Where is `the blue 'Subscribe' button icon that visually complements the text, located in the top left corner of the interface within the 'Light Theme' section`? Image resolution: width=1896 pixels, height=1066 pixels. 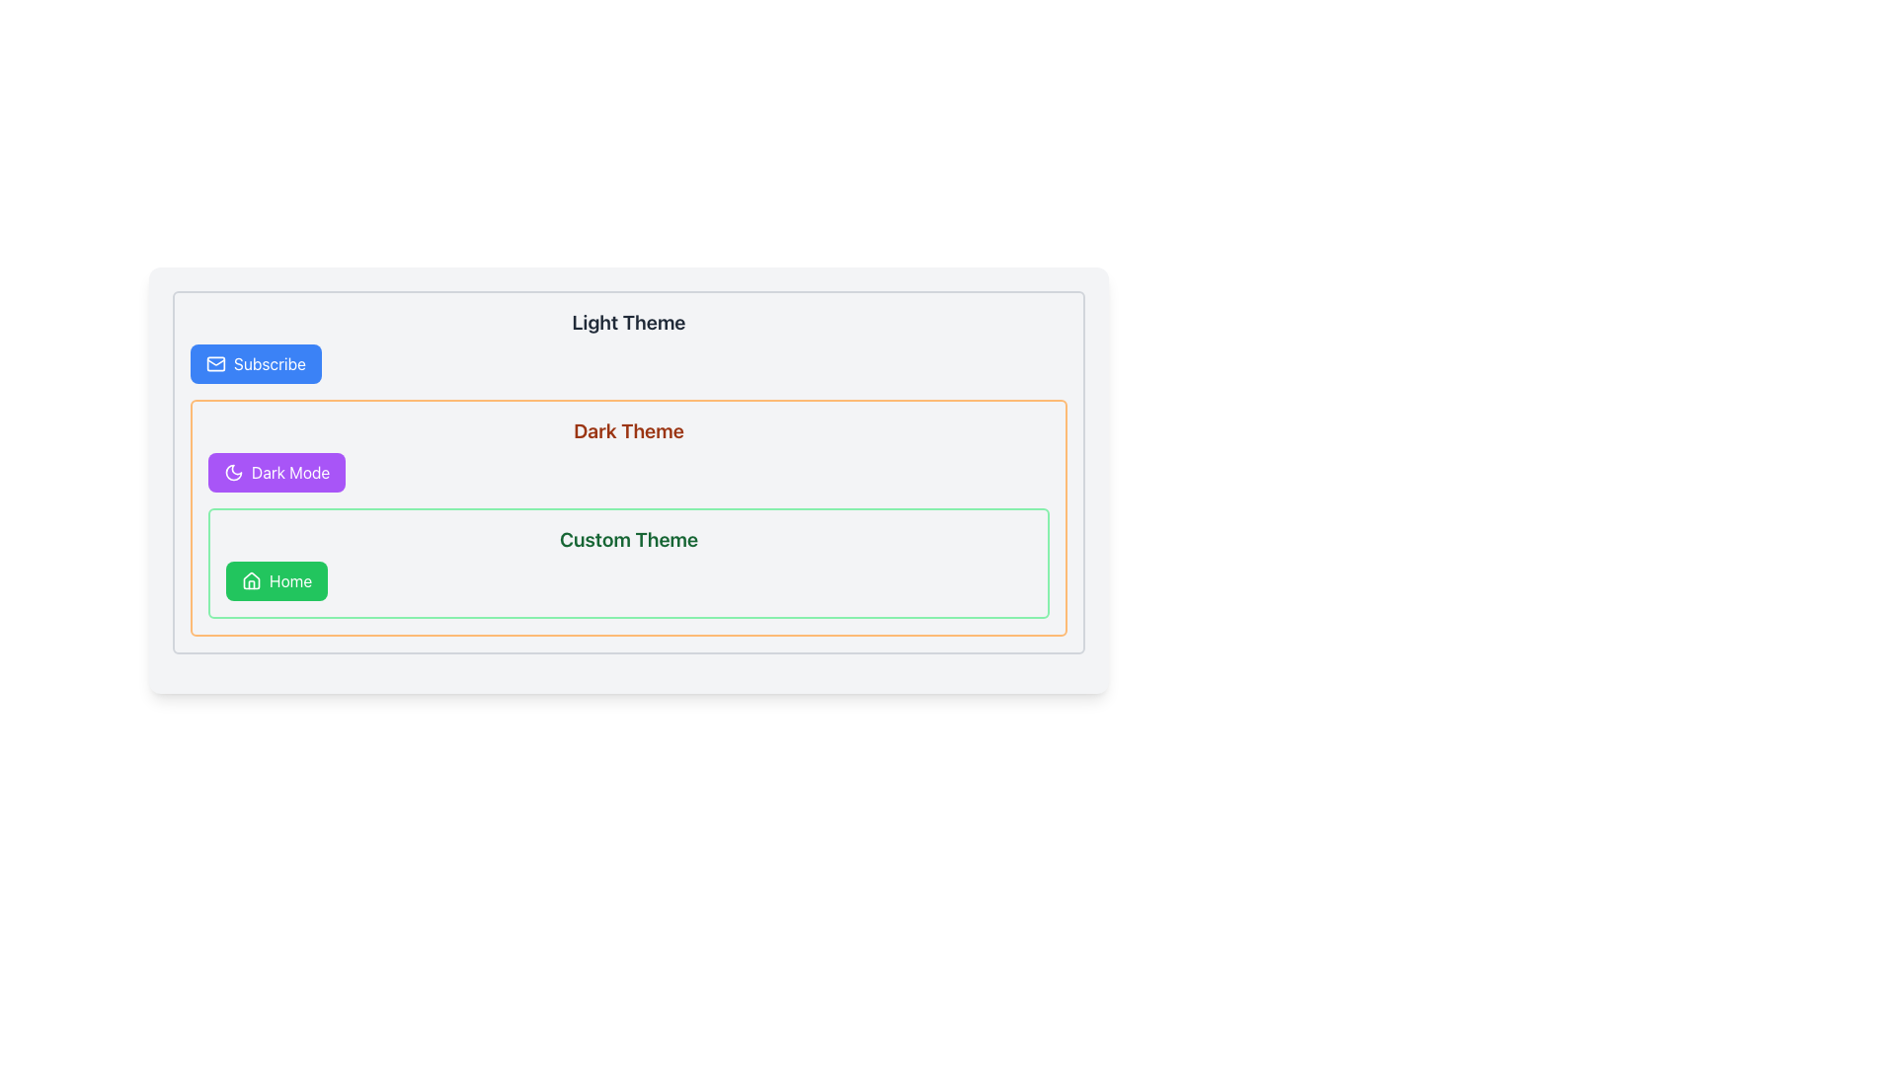
the blue 'Subscribe' button icon that visually complements the text, located in the top left corner of the interface within the 'Light Theme' section is located at coordinates (216, 364).